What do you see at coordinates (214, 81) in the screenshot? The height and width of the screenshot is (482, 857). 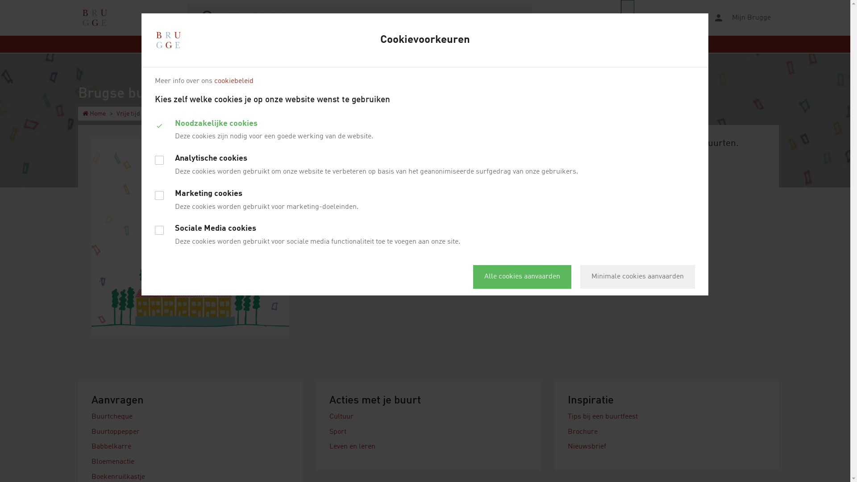 I see `'cookiebeleid'` at bounding box center [214, 81].